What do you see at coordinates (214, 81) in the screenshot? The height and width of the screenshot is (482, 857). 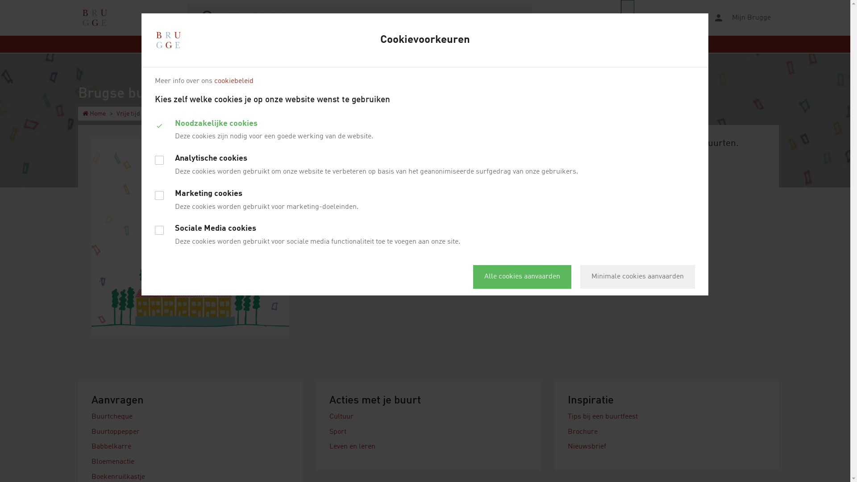 I see `'cookiebeleid'` at bounding box center [214, 81].